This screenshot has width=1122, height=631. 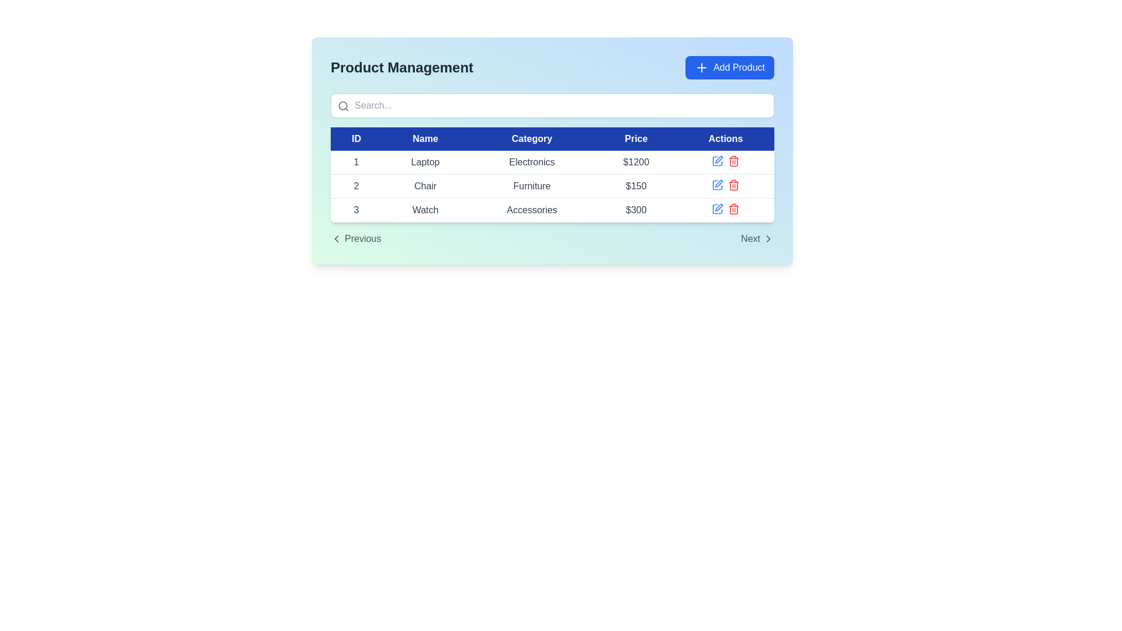 What do you see at coordinates (717, 161) in the screenshot?
I see `the edit icon graphic within the button` at bounding box center [717, 161].